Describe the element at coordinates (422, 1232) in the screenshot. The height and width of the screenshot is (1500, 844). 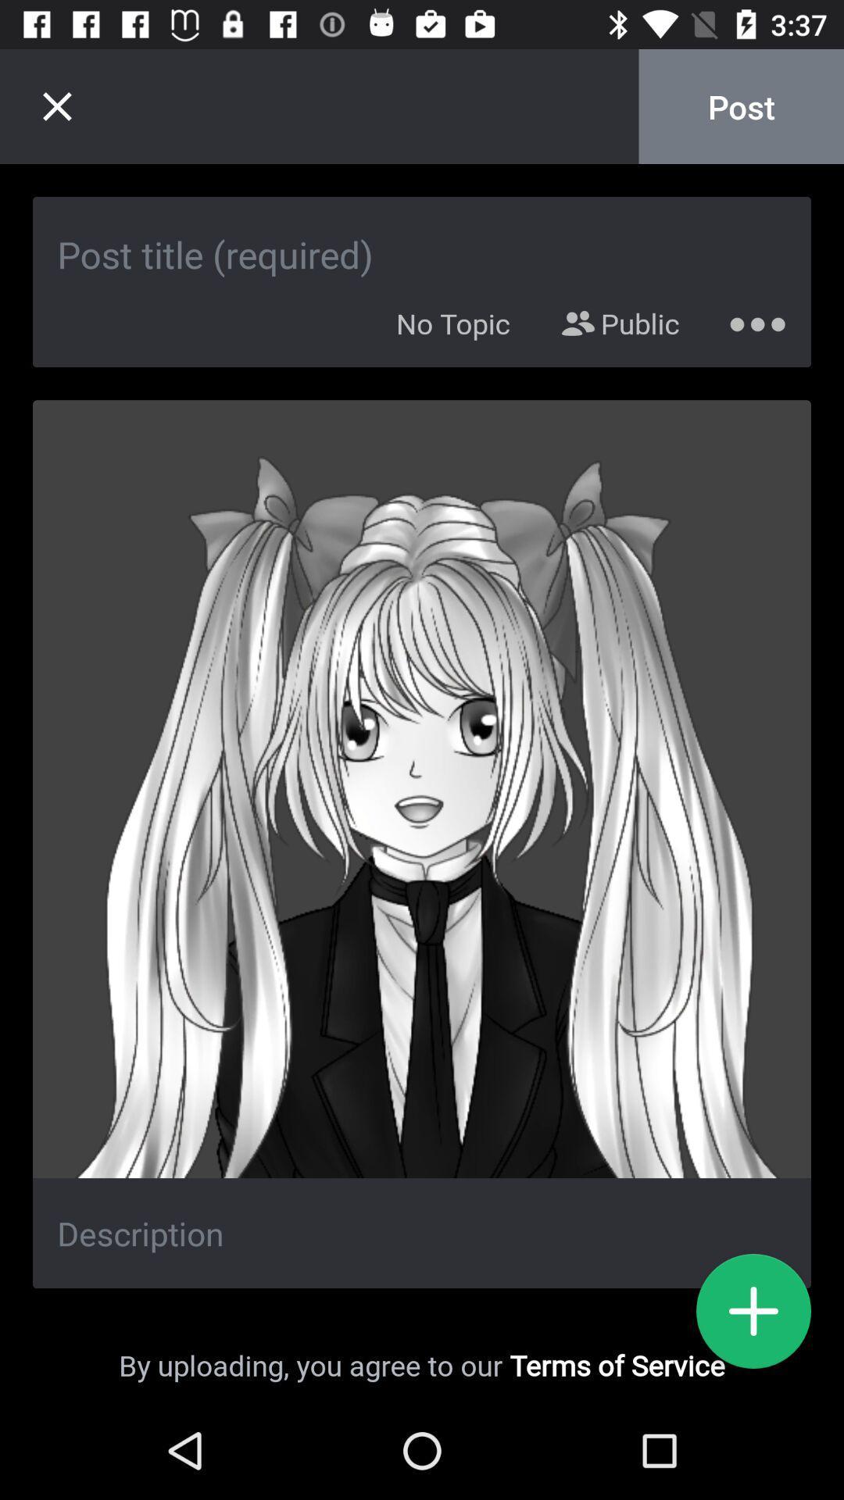
I see `description box` at that location.